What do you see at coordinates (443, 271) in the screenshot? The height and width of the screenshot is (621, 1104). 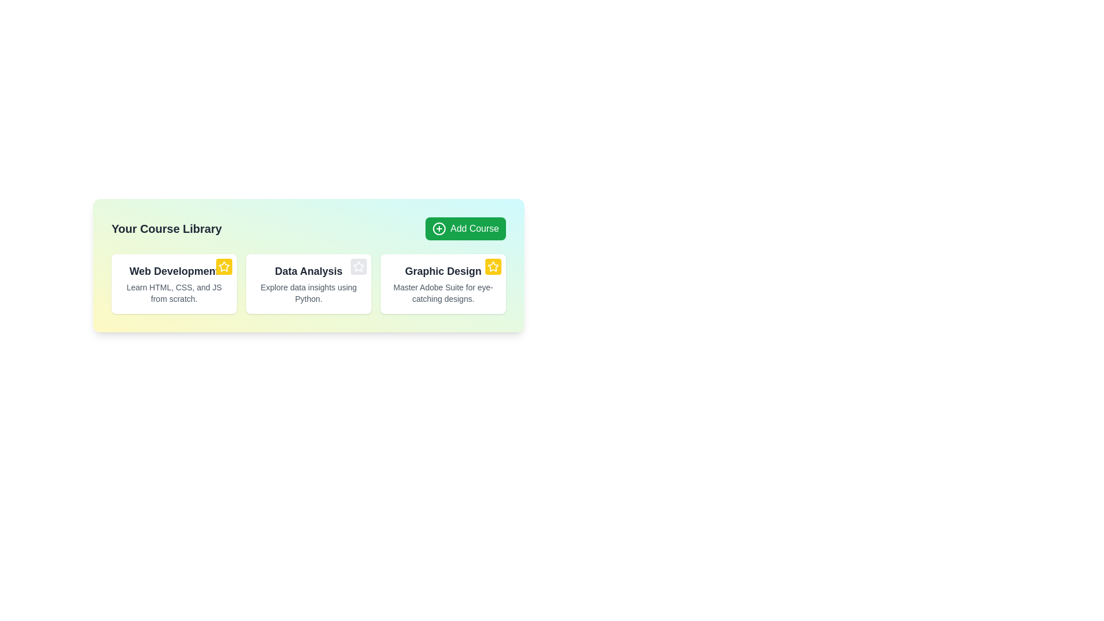 I see `the 'Graphic Design' text label, which is styled in bold font, larger size, and dark gray color, located at the top-left of its card-like structure` at bounding box center [443, 271].